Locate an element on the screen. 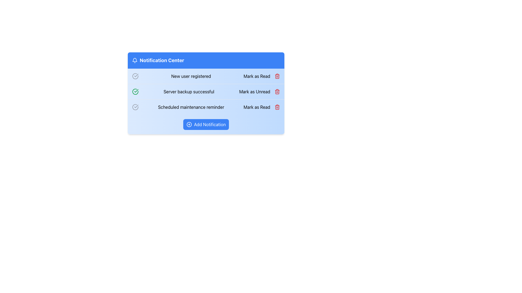 The width and height of the screenshot is (522, 293). the notification icon located at the top left corner of the 'Notification Center' panel, which indicates notifications or alerts is located at coordinates (135, 60).